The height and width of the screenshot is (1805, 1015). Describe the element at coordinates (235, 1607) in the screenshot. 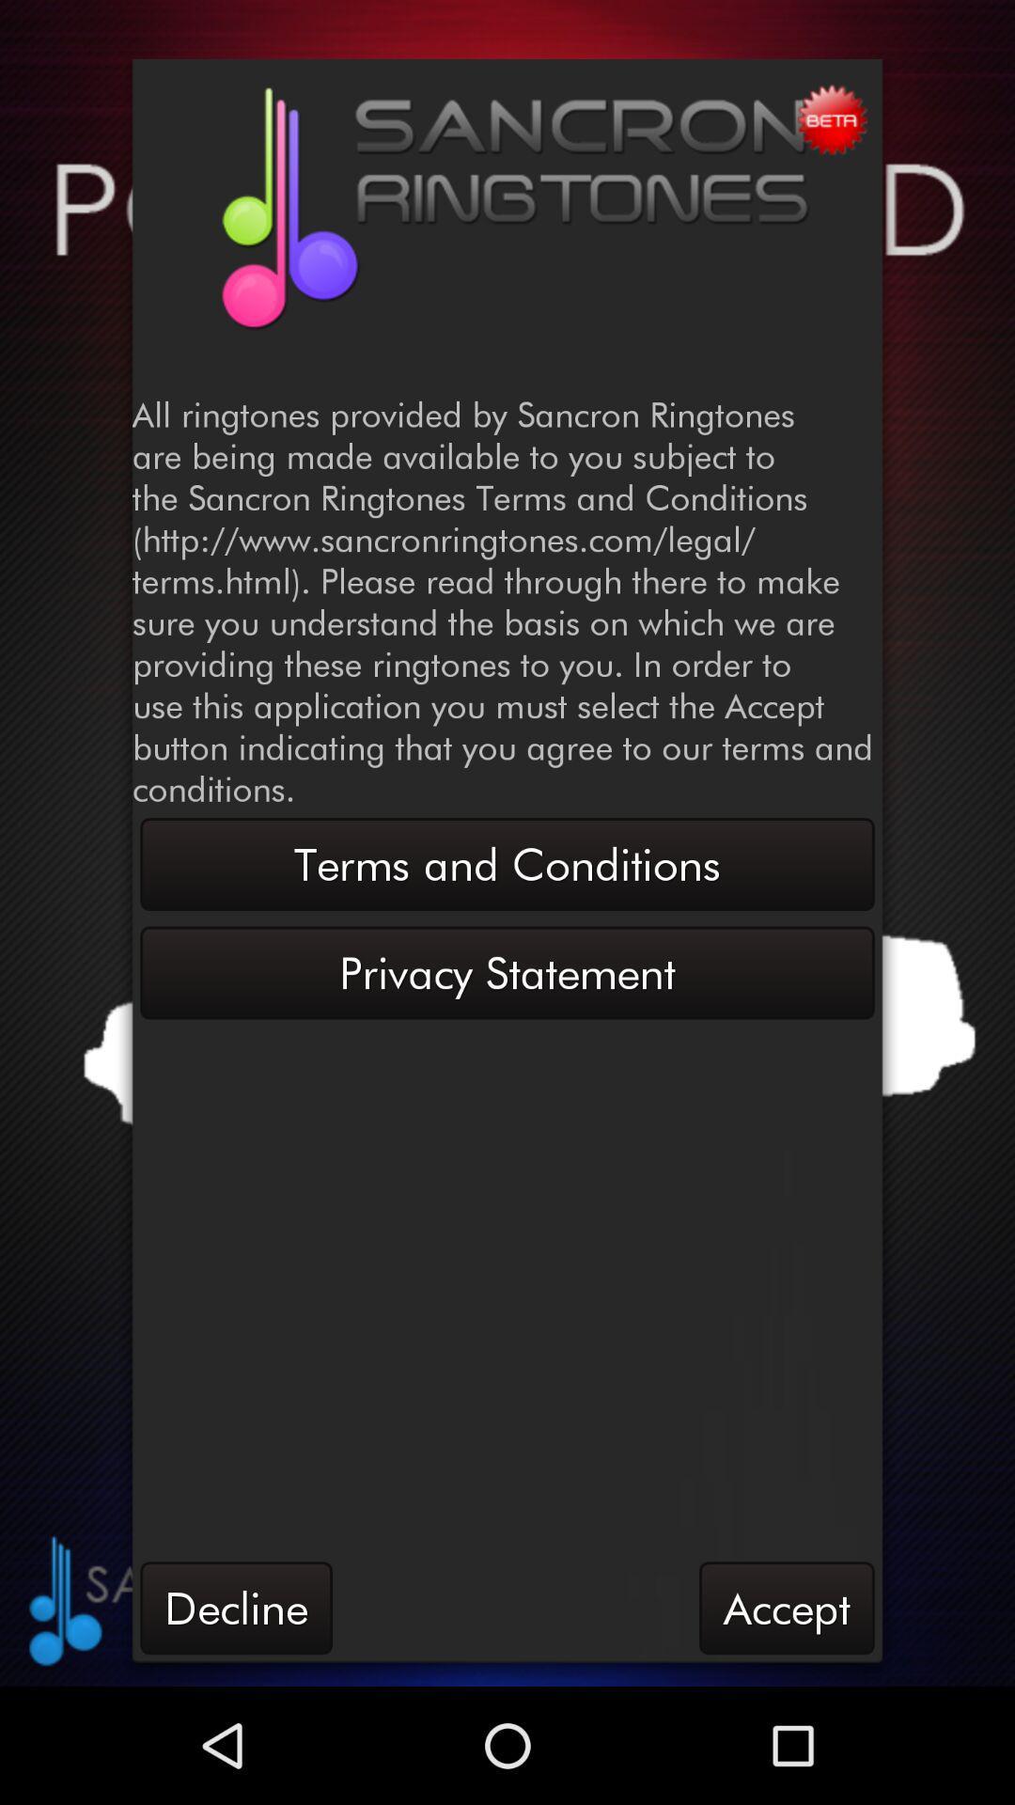

I see `the decline` at that location.